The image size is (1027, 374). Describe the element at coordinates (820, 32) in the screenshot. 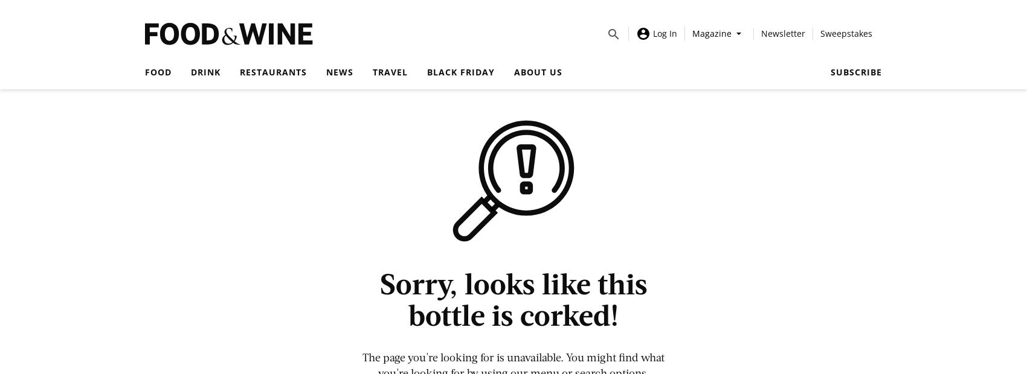

I see `'Sweepstakes'` at that location.